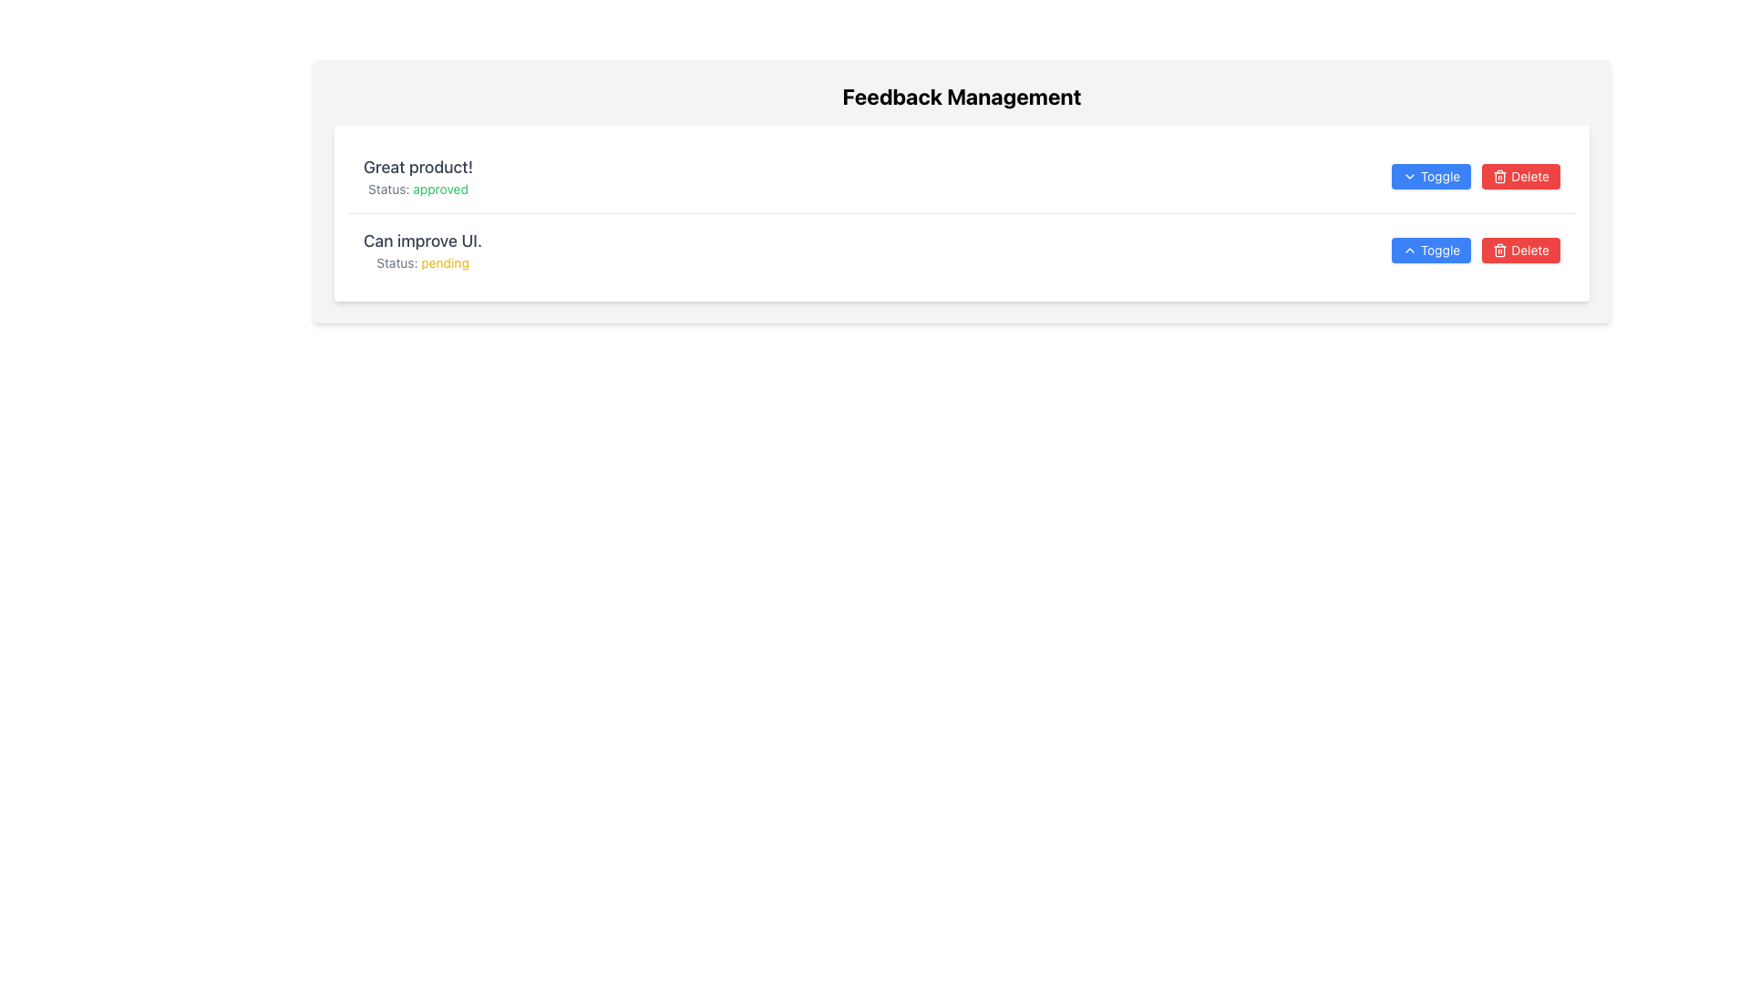 Image resolution: width=1750 pixels, height=984 pixels. What do you see at coordinates (1476, 250) in the screenshot?
I see `the 'Toggle' button located at the far right of the second row of feedback entries in the 'Feedback Management' section to change the state` at bounding box center [1476, 250].